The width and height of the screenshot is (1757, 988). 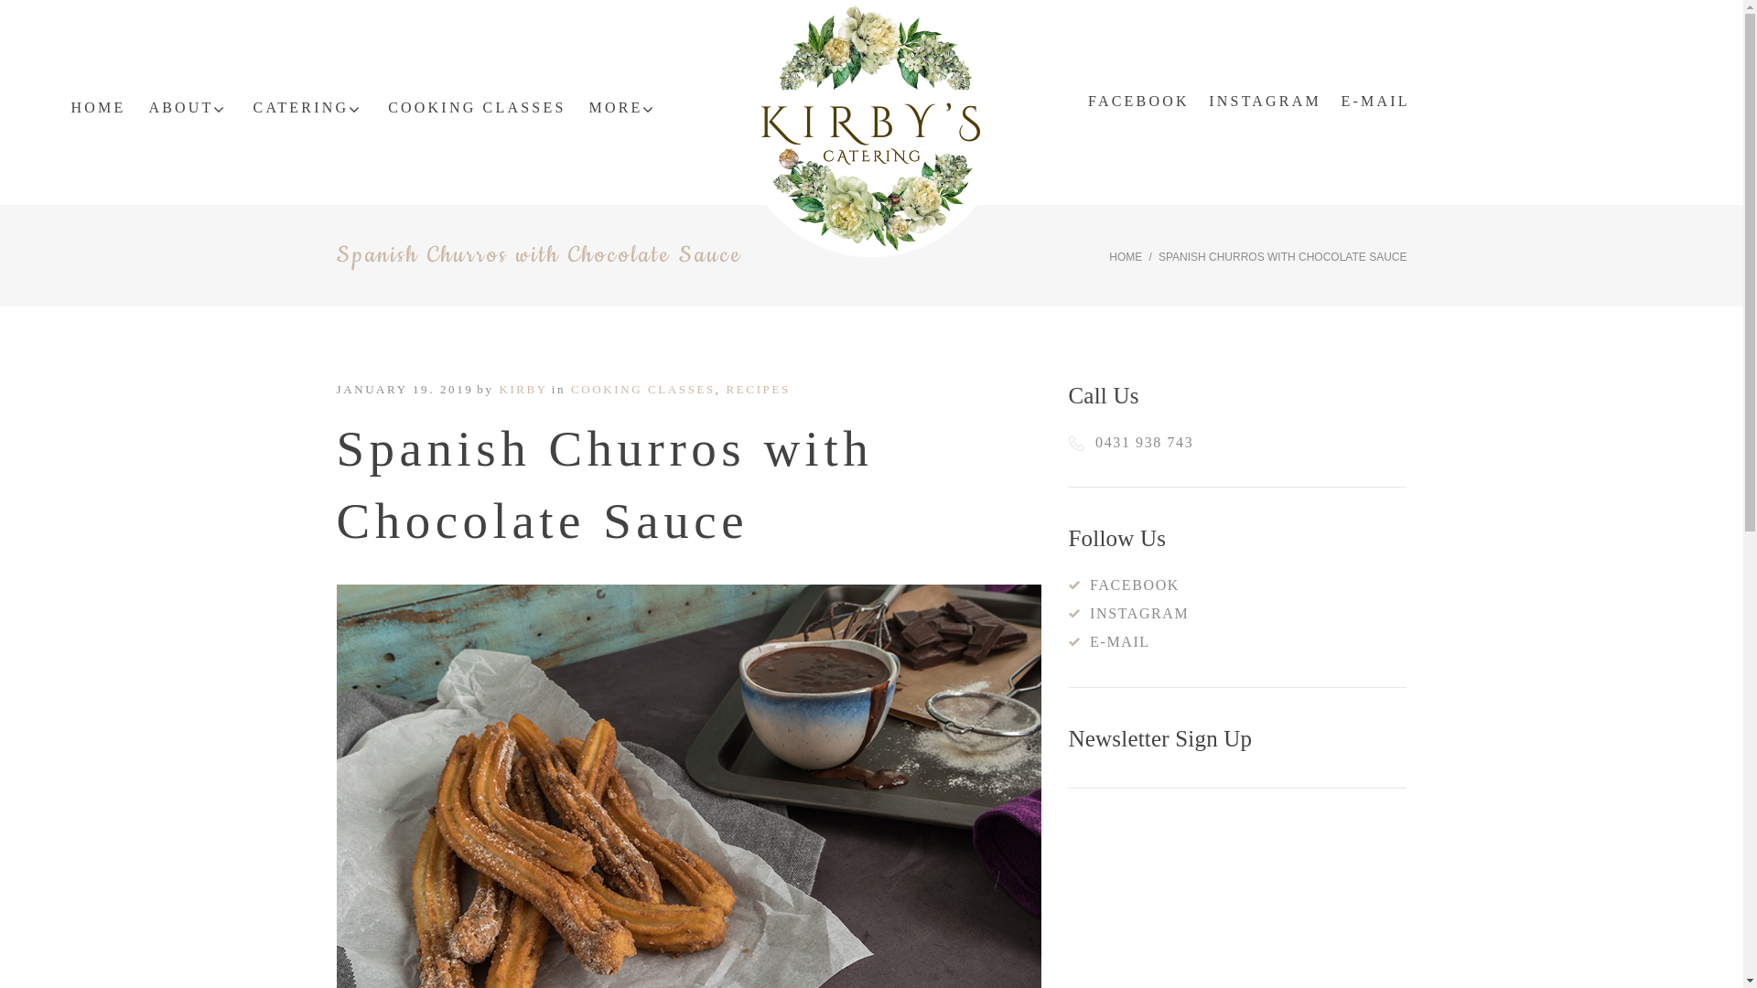 What do you see at coordinates (189, 108) in the screenshot?
I see `'ABOUT'` at bounding box center [189, 108].